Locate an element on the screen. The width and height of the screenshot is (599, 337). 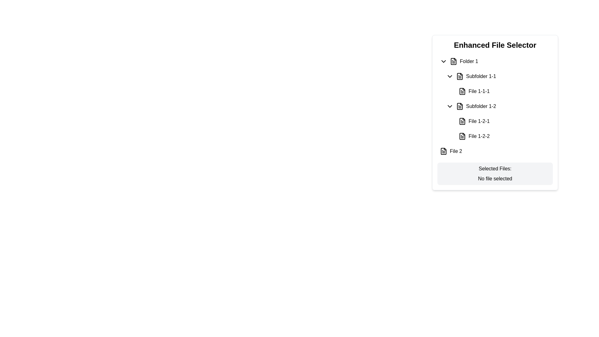
the selectable file entry located under 'Subfolder 1-2', which is positioned above 'File 1-2-2' in the file navigation interface is located at coordinates (498, 121).